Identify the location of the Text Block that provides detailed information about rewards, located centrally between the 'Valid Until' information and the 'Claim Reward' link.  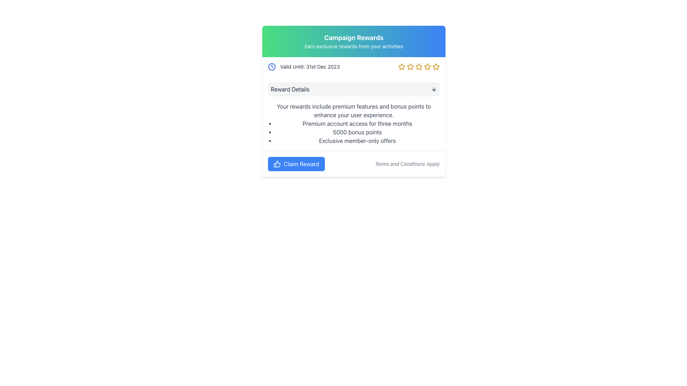
(354, 113).